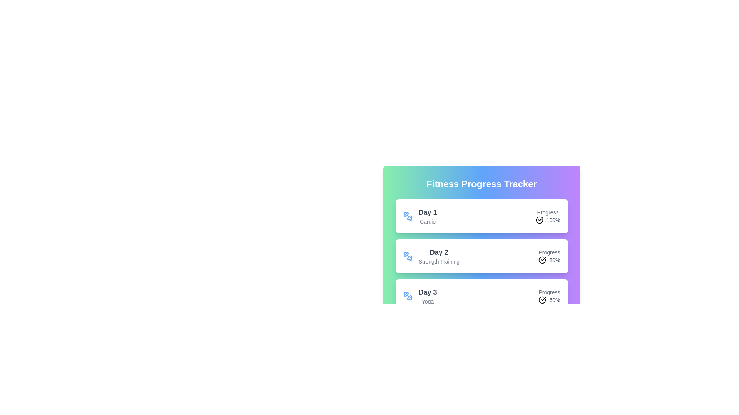 The image size is (739, 415). Describe the element at coordinates (481, 256) in the screenshot. I see `the workout item for Day 2 to view its details` at that location.